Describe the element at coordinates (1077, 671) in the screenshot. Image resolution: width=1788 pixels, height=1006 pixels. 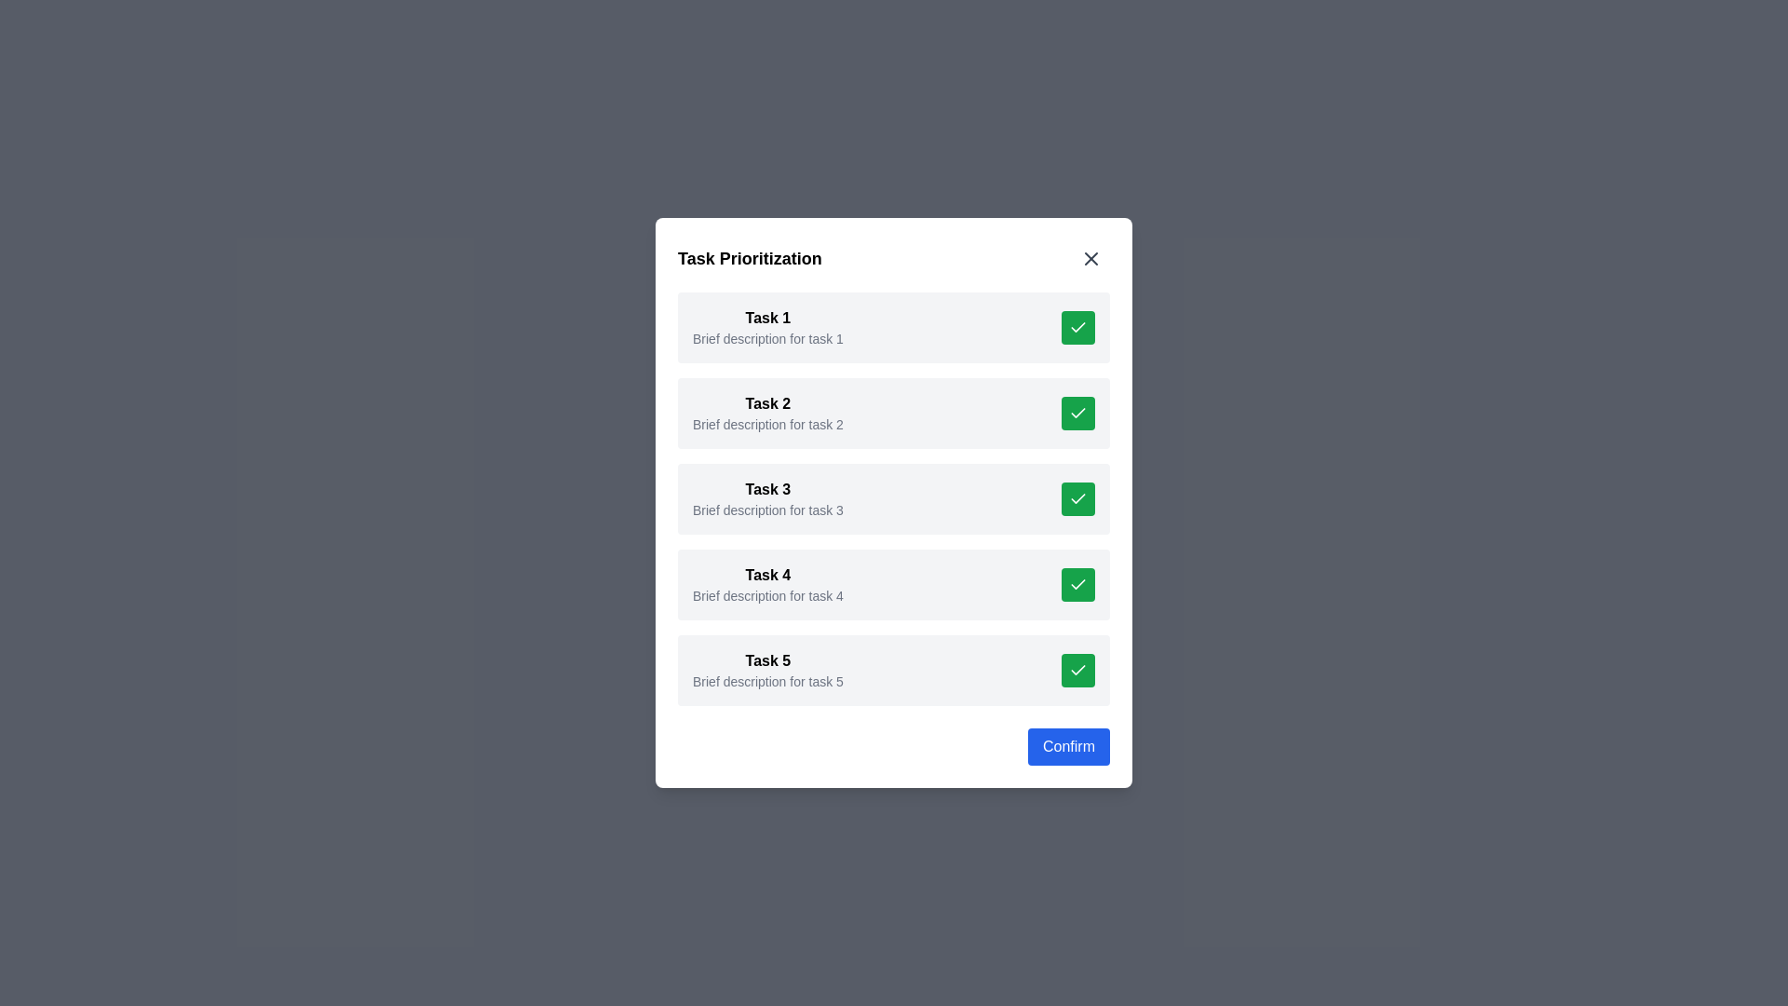
I see `the green checkmark icon at the bottom-most row of the task list` at that location.